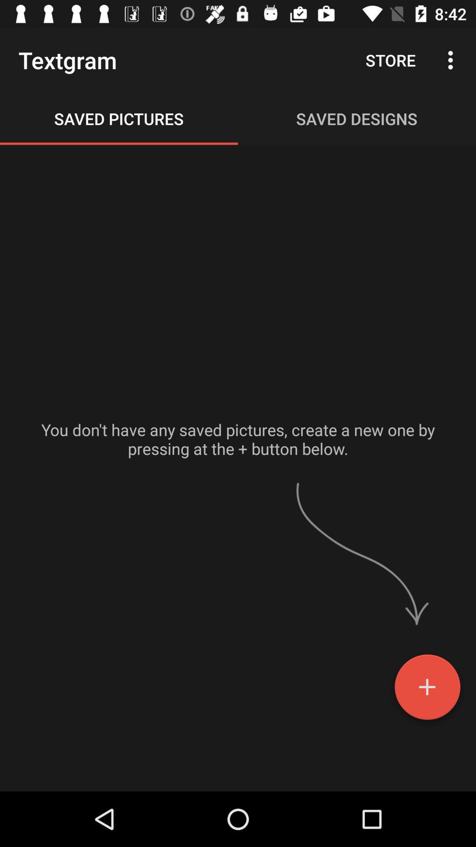 The width and height of the screenshot is (476, 847). What do you see at coordinates (453, 60) in the screenshot?
I see `the icon next to store icon` at bounding box center [453, 60].